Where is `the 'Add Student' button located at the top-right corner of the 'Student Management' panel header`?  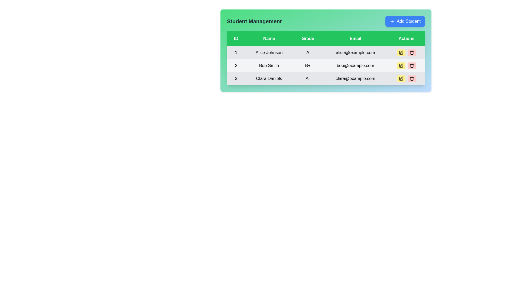
the 'Add Student' button located at the top-right corner of the 'Student Management' panel header is located at coordinates (405, 21).